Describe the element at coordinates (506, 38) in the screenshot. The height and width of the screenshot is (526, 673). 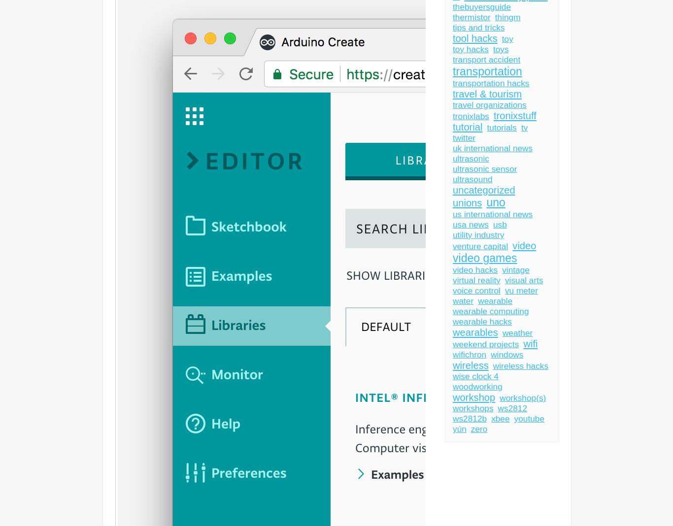
I see `'toy'` at that location.